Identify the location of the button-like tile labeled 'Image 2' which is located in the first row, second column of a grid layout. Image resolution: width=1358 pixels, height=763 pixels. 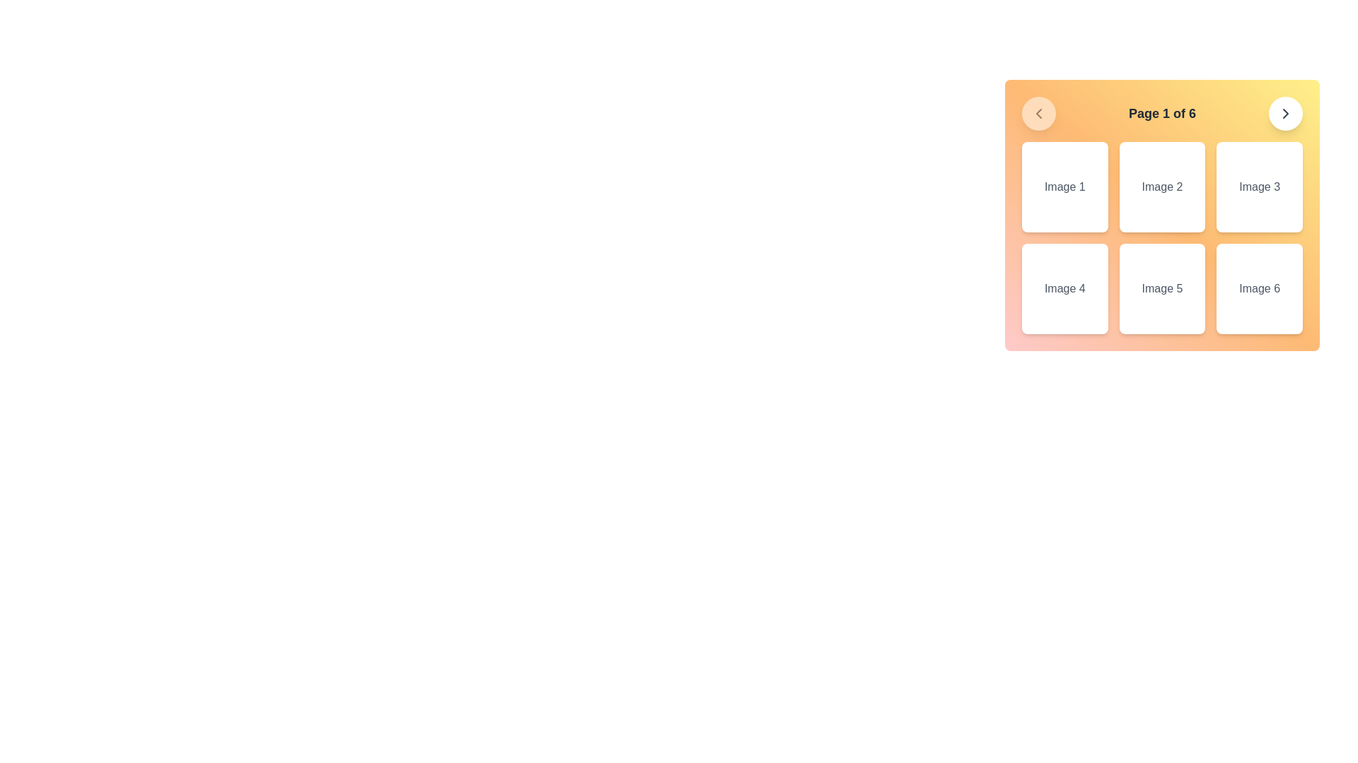
(1162, 187).